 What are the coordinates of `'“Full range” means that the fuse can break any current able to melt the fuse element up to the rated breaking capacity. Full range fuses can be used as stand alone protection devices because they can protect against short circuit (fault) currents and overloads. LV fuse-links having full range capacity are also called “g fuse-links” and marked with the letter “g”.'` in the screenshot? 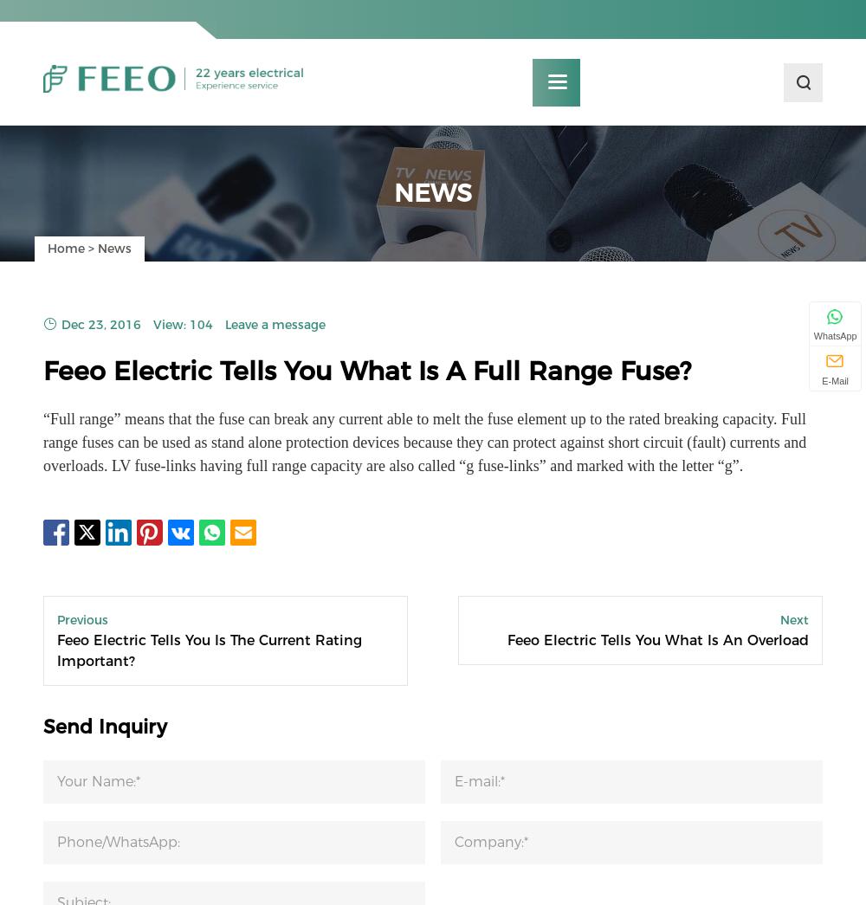 It's located at (423, 449).